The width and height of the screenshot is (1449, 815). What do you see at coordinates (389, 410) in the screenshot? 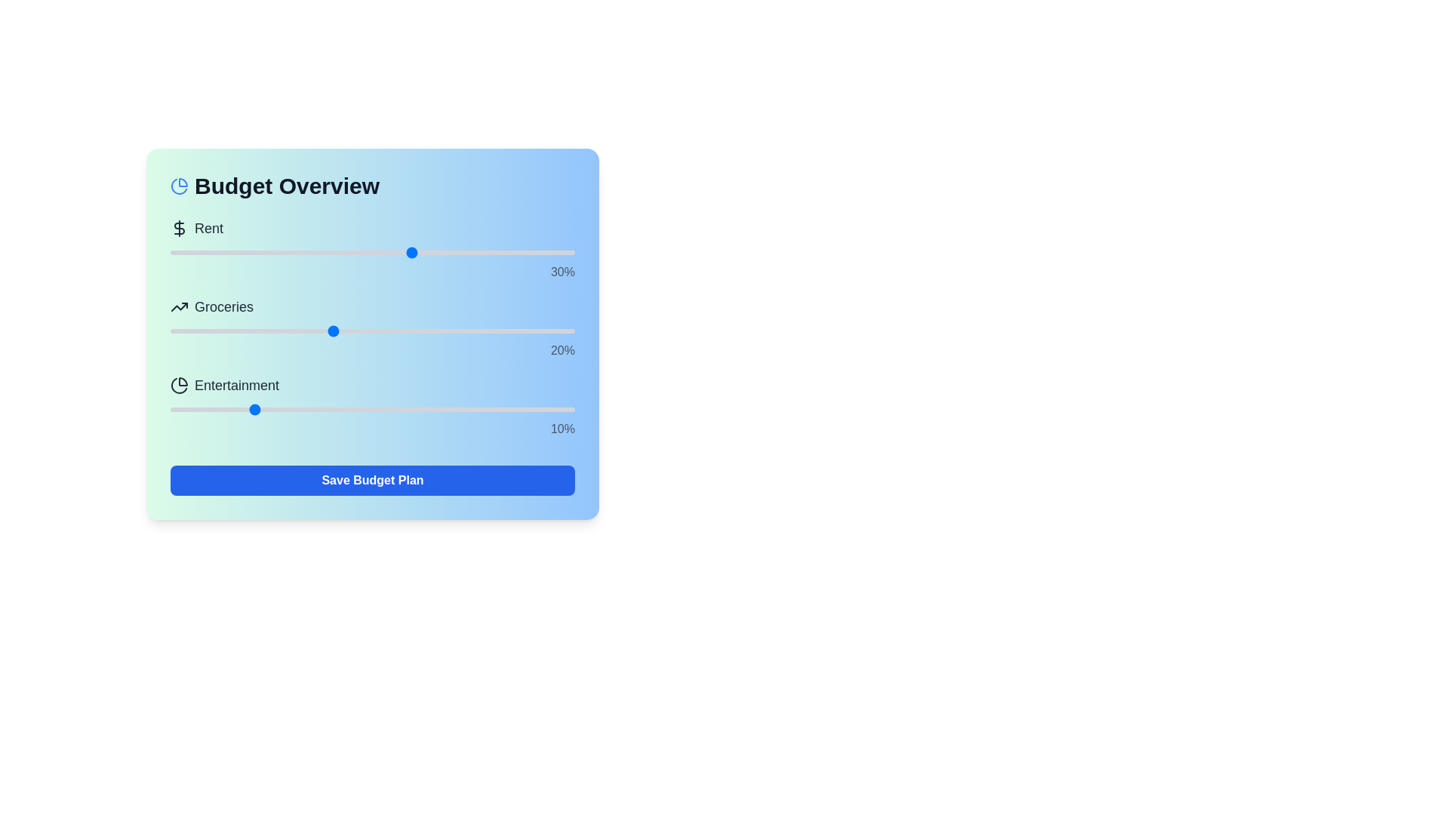
I see `the 'Entertainment' slider` at bounding box center [389, 410].